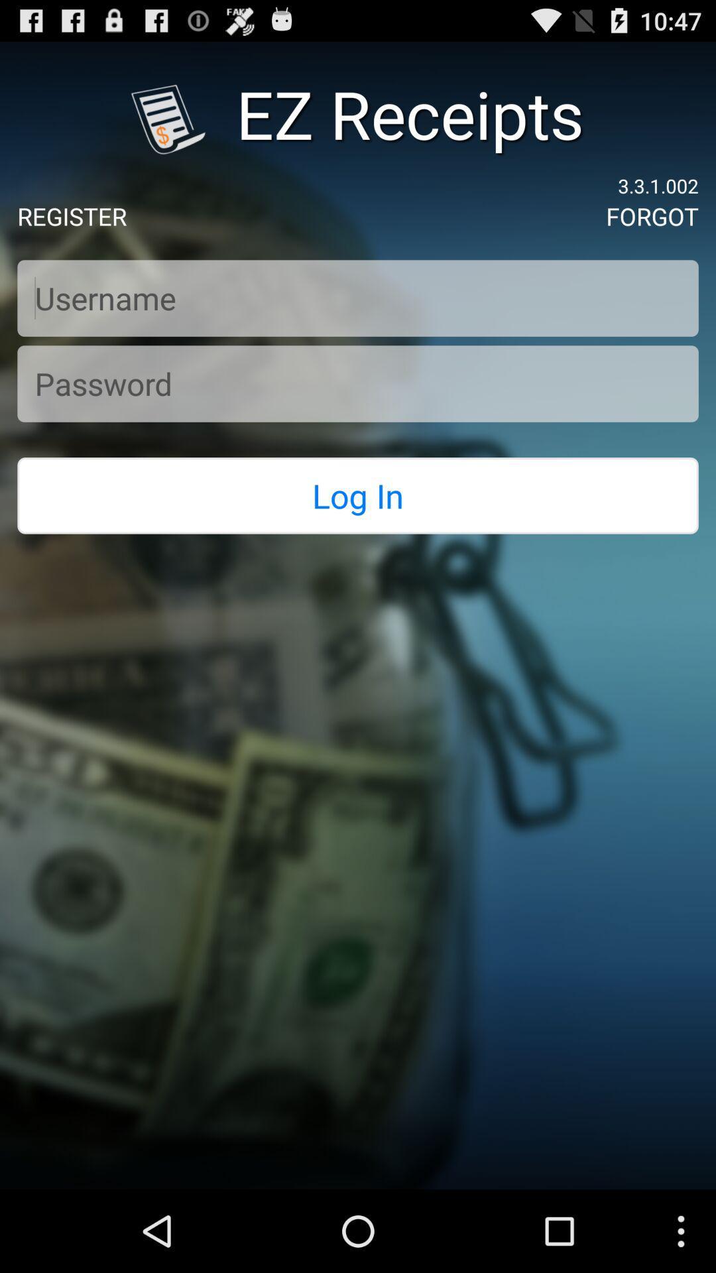 This screenshot has height=1273, width=716. Describe the element at coordinates (651, 216) in the screenshot. I see `the forgot icon` at that location.